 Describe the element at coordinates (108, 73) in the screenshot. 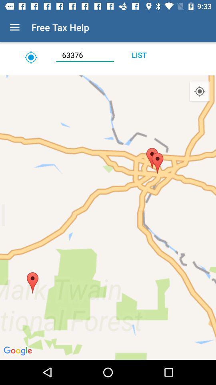

I see `rotate navigation` at that location.